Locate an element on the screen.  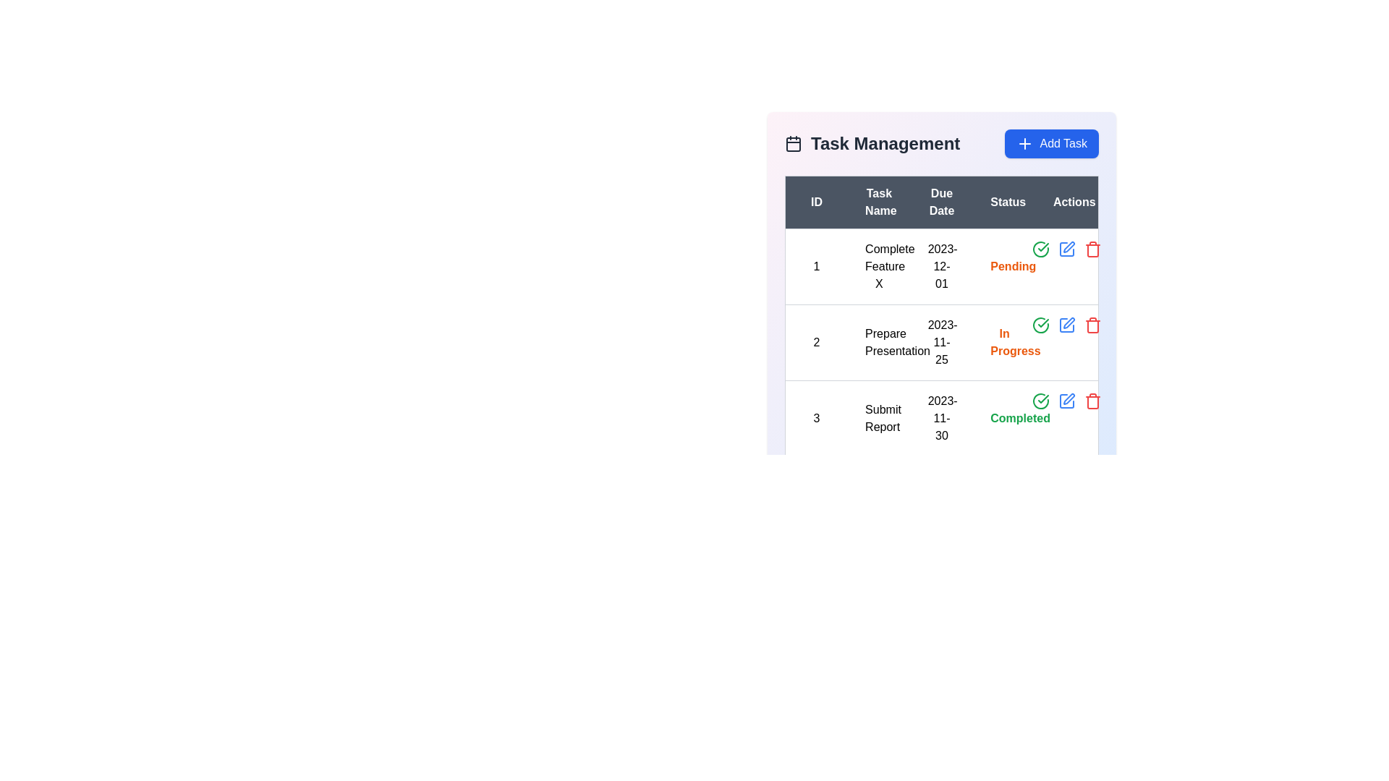
the Text label indicating the status 'Pending' for the task 'Complete Feature X' in the 'Status' column of the table is located at coordinates (1003, 267).